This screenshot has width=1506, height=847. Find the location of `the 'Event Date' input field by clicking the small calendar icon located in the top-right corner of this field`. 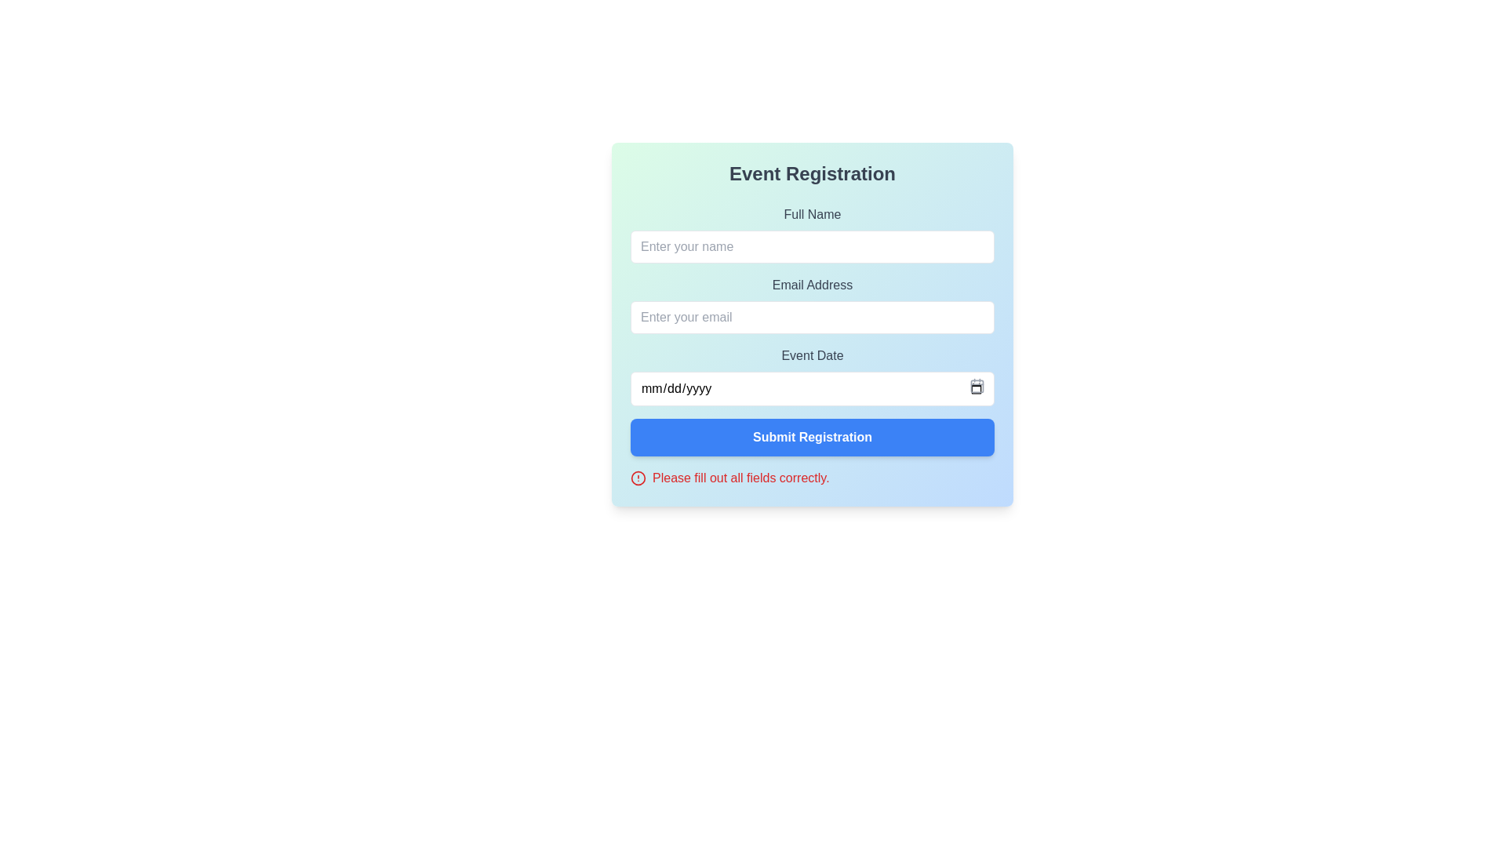

the 'Event Date' input field by clicking the small calendar icon located in the top-right corner of this field is located at coordinates (977, 386).